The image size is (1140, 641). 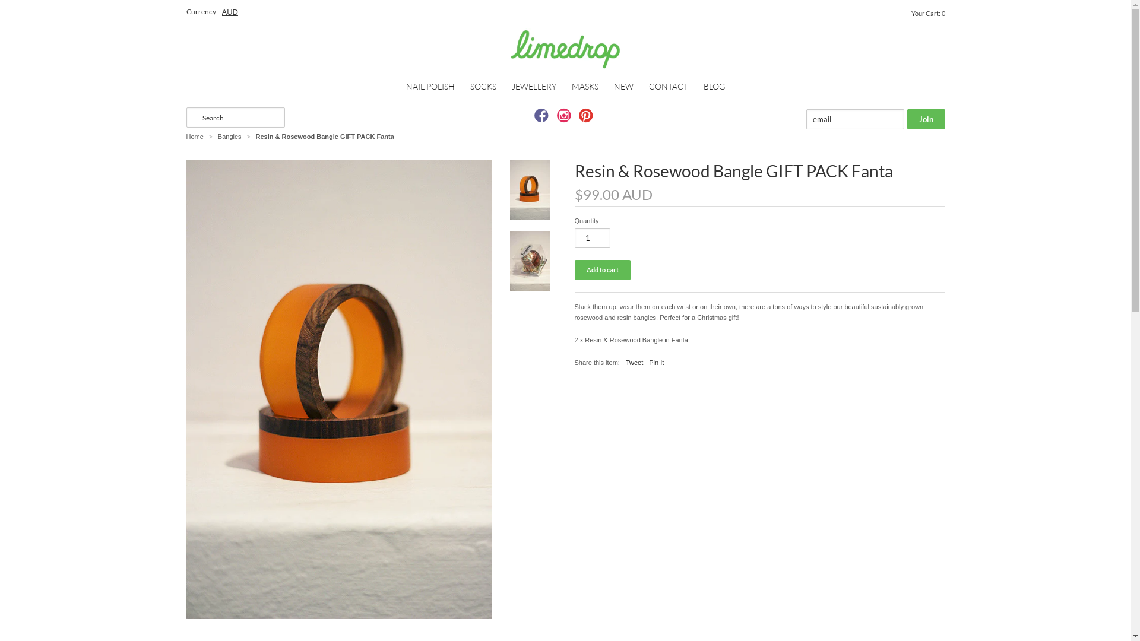 What do you see at coordinates (565, 119) in the screenshot?
I see `'Follow us on Instagram'` at bounding box center [565, 119].